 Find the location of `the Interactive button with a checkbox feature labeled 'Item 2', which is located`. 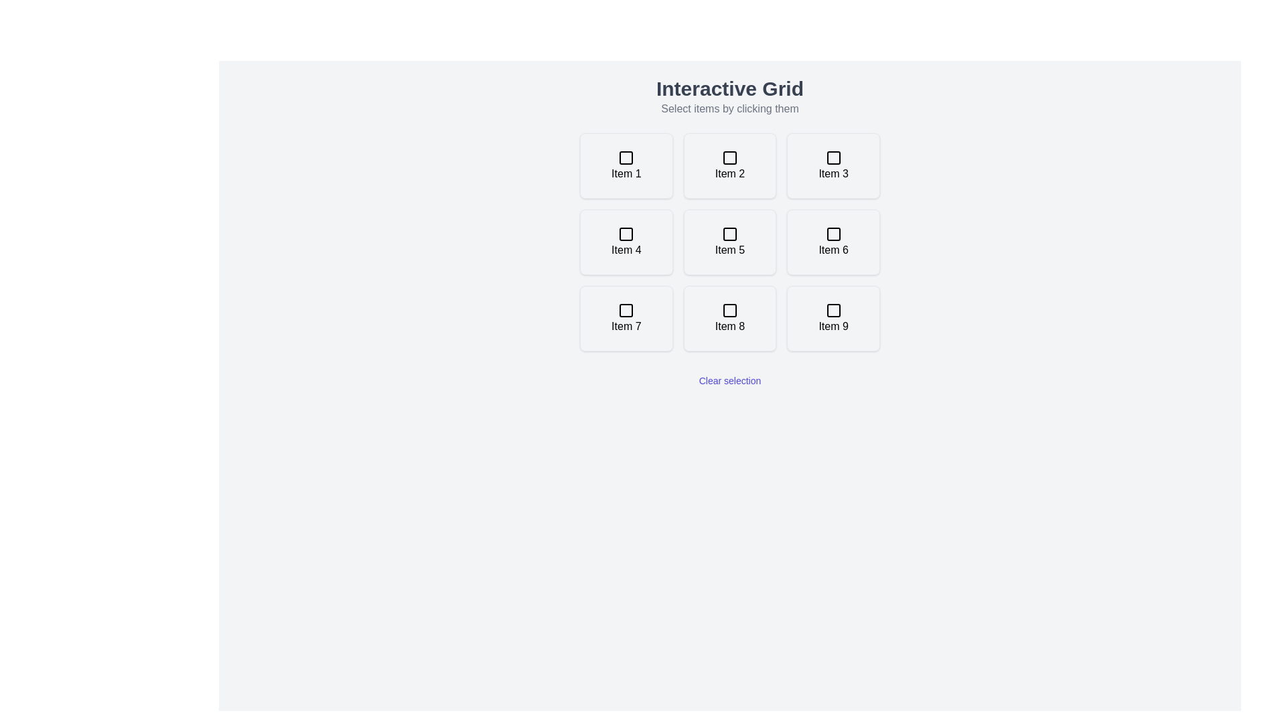

the Interactive button with a checkbox feature labeled 'Item 2', which is located is located at coordinates (729, 165).